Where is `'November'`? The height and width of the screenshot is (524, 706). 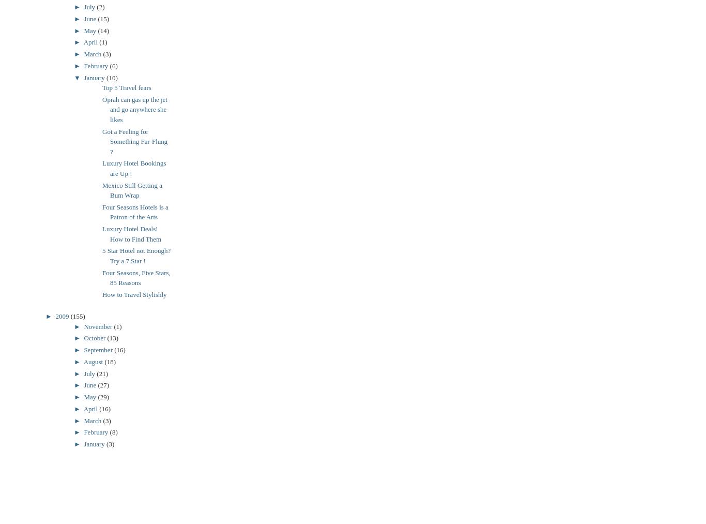 'November' is located at coordinates (98, 325).